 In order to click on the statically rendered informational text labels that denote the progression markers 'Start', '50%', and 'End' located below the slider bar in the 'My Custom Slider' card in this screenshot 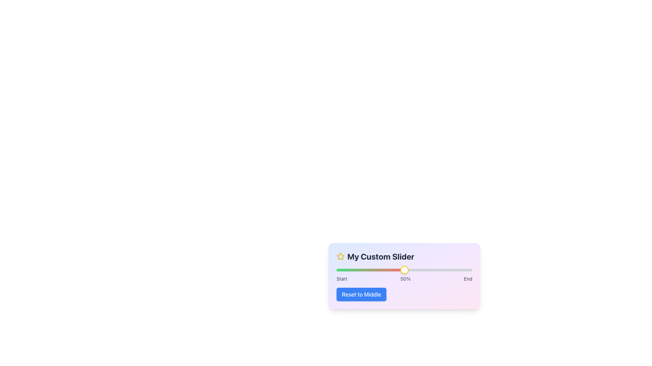, I will do `click(404, 279)`.